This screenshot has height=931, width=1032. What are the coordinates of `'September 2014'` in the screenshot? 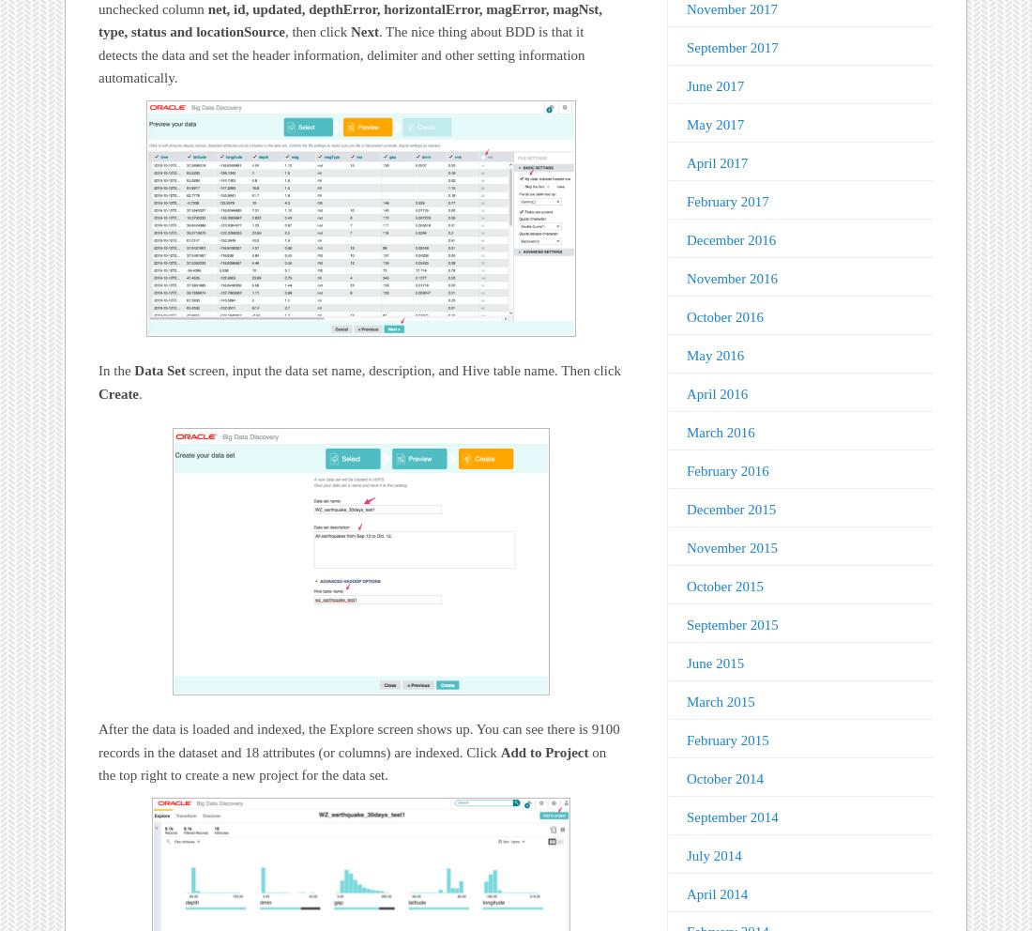 It's located at (732, 816).